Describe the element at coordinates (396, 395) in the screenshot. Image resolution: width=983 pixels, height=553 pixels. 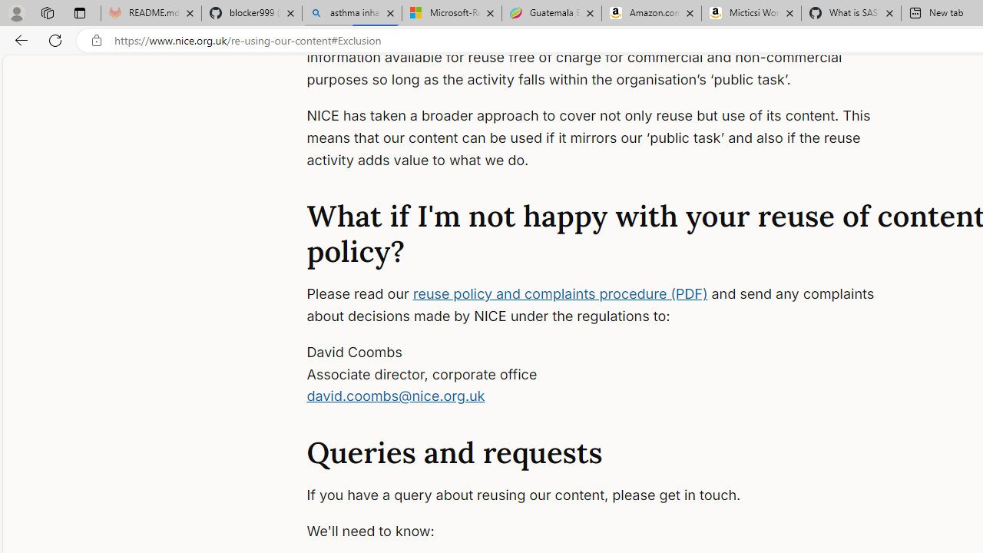
I see `'david.coombs@nice.org.uk'` at that location.